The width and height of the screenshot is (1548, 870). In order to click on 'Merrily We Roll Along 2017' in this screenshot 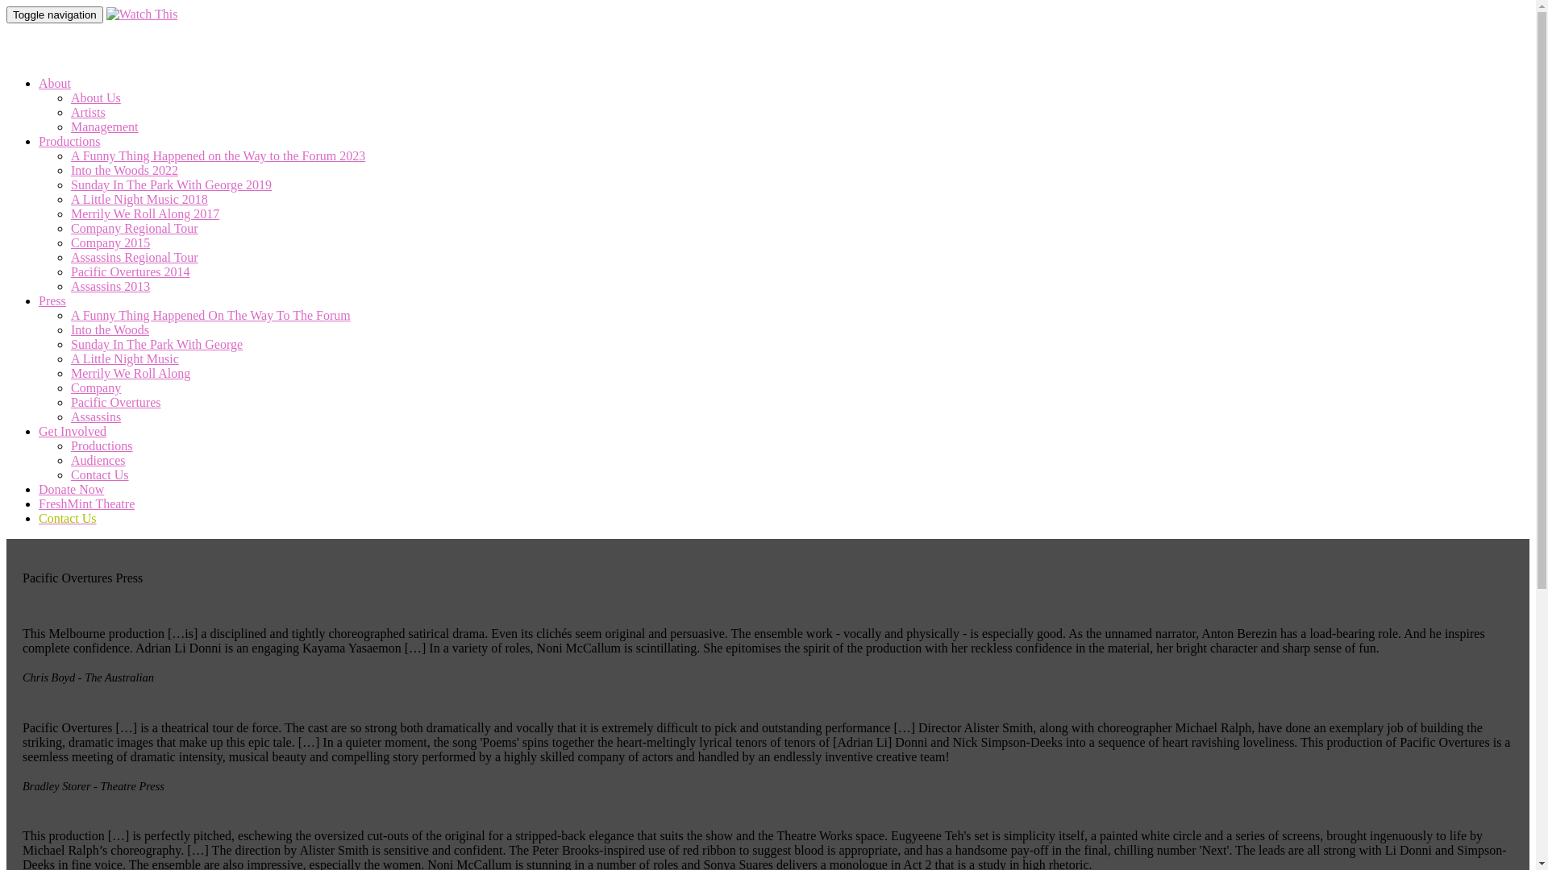, I will do `click(145, 213)`.